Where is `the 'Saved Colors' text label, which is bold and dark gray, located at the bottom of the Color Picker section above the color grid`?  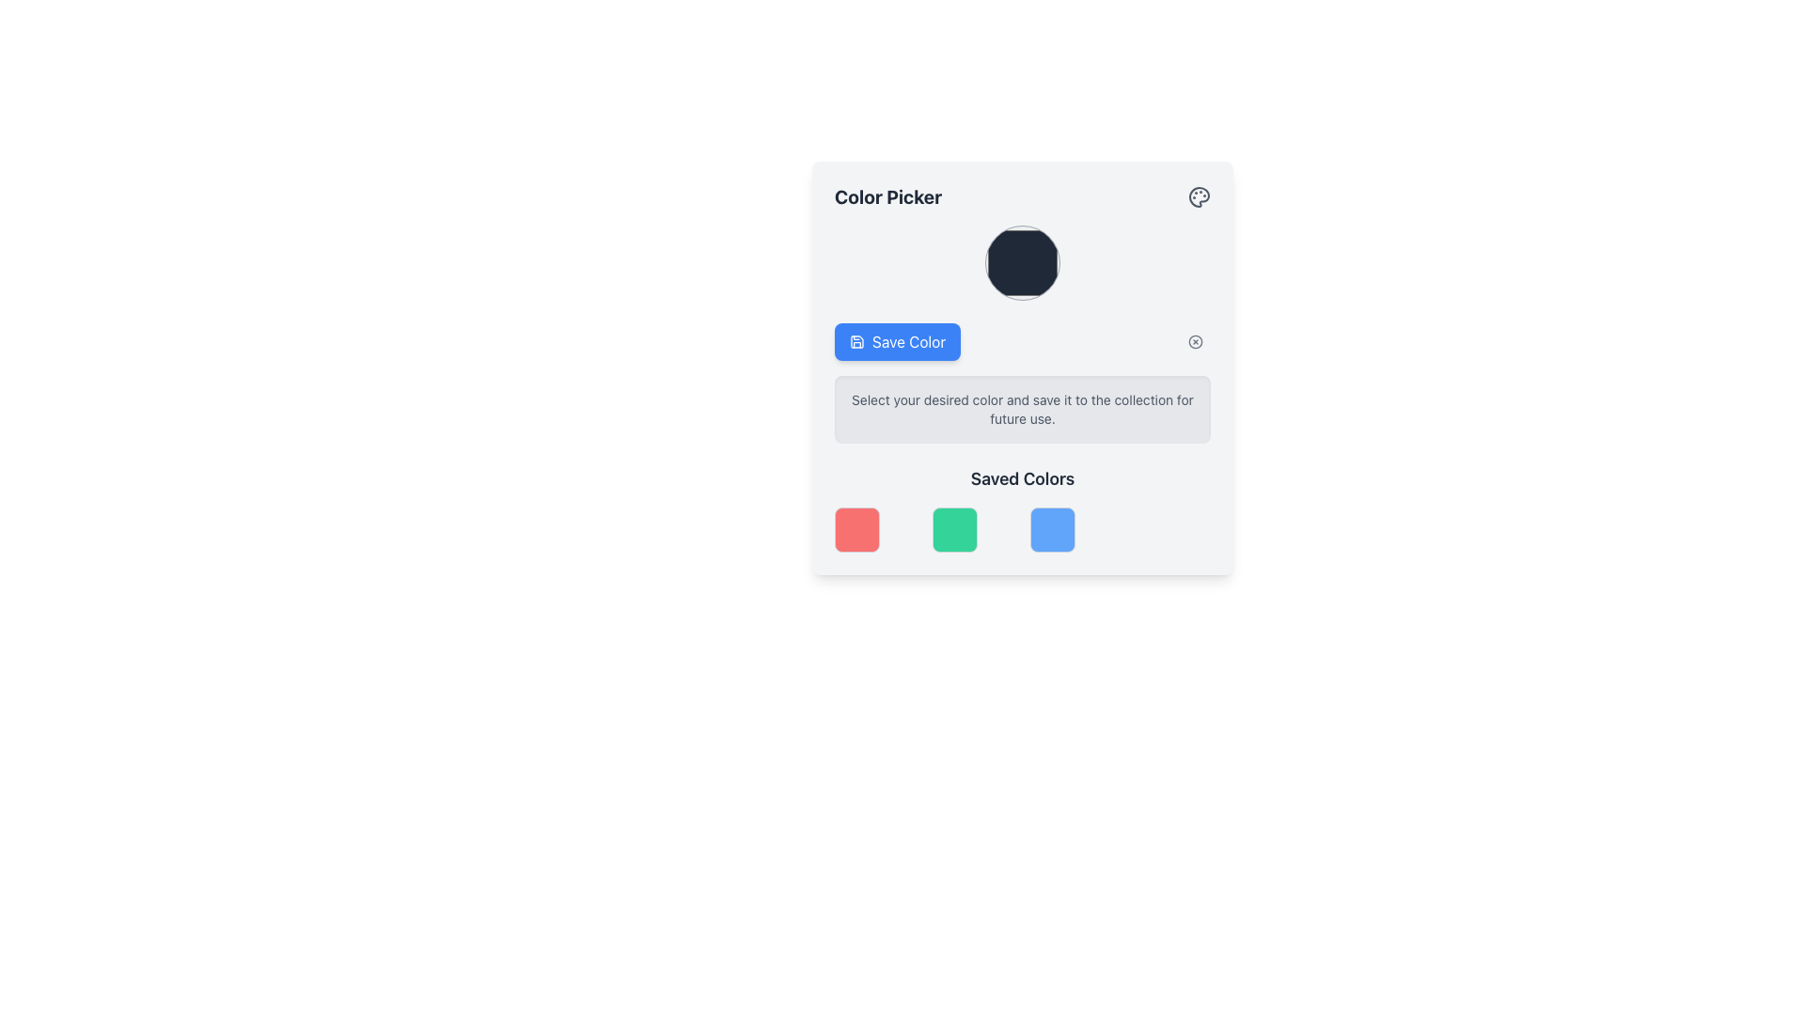
the 'Saved Colors' text label, which is bold and dark gray, located at the bottom of the Color Picker section above the color grid is located at coordinates (1022, 477).